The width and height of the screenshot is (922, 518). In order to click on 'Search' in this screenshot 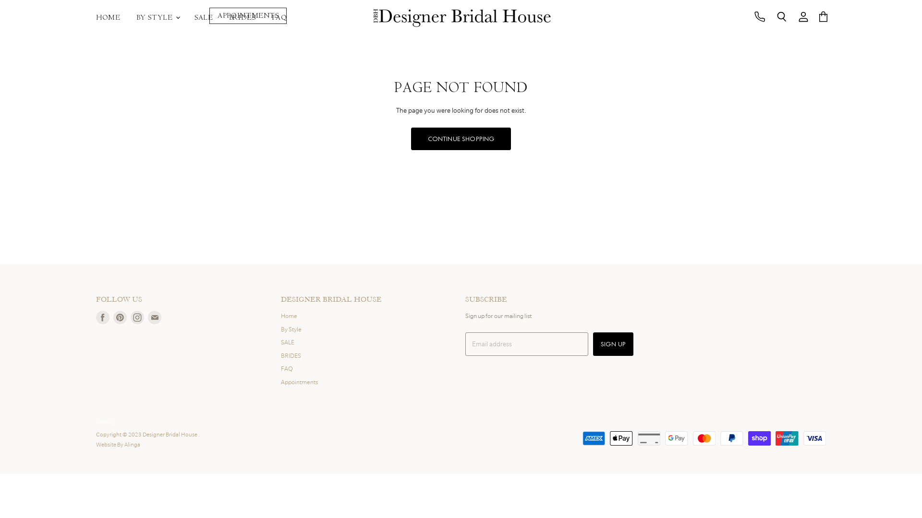, I will do `click(96, 421)`.